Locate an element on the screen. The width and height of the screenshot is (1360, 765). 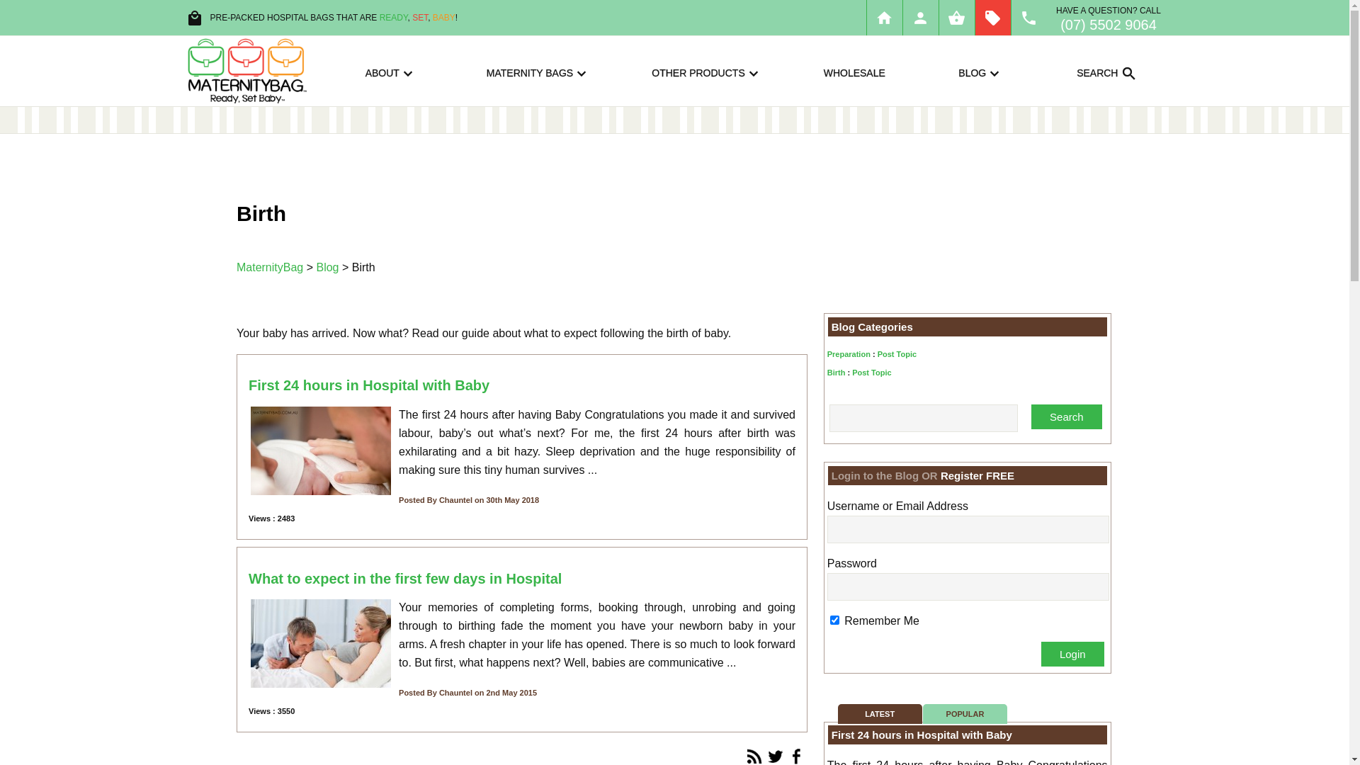
'person' is located at coordinates (920, 17).